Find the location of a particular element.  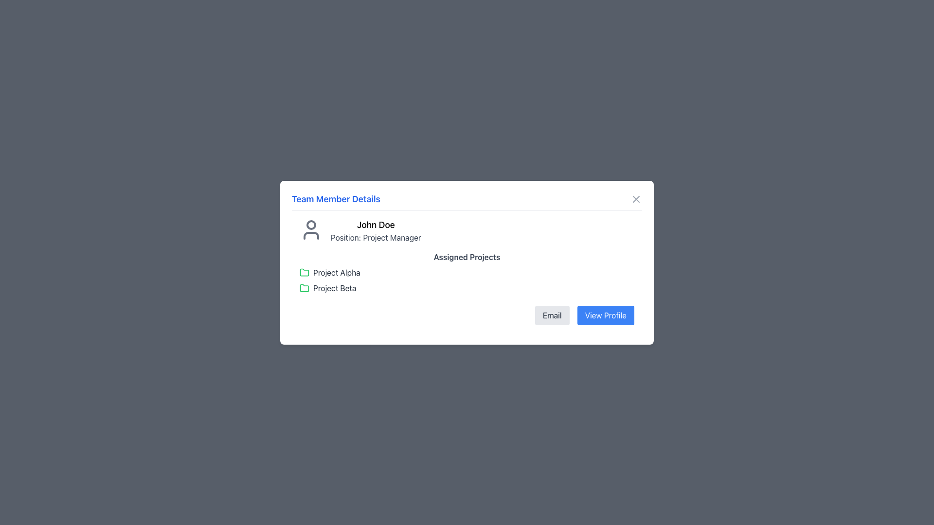

the icon representing 'Project Beta' located in the 'Assigned Projects' section of the 'Team Member Details' modal is located at coordinates (304, 287).